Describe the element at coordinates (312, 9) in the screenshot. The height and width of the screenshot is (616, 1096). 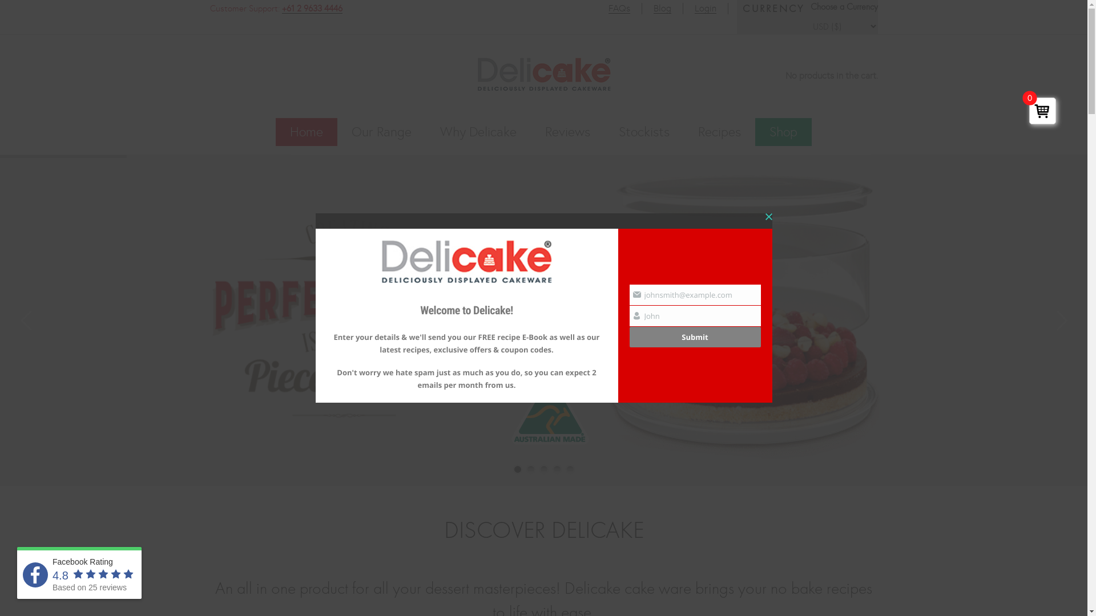
I see `'+61 2 9633 4446'` at that location.